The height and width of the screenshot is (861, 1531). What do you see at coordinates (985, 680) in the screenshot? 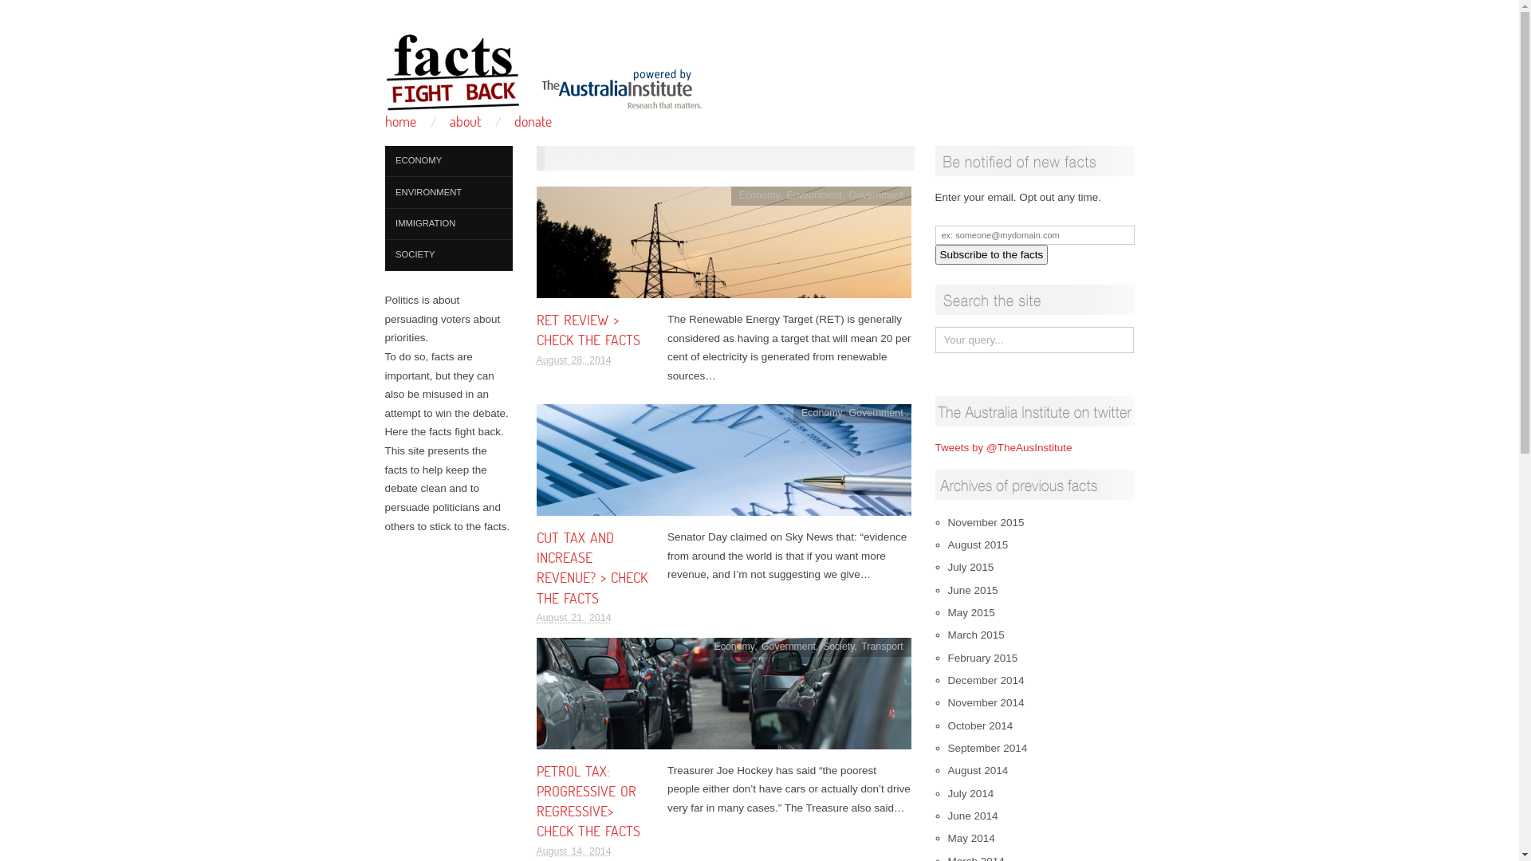
I see `'December 2014'` at bounding box center [985, 680].